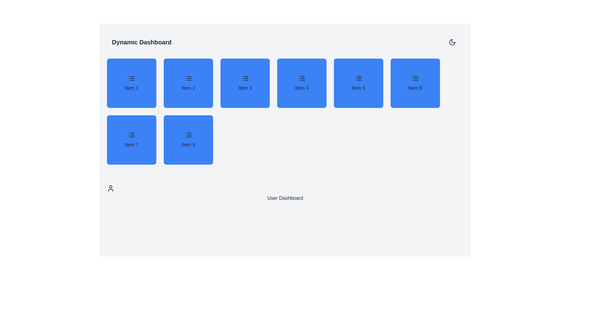  Describe the element at coordinates (302, 78) in the screenshot. I see `the graphical icon resembling a list indicator located in the blue card labeled 'Item 4'` at that location.